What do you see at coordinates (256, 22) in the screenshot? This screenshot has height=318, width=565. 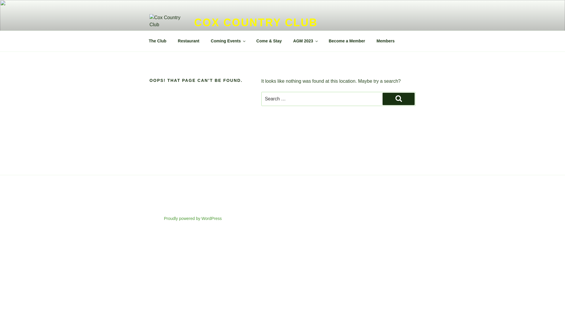 I see `'COX COUNTRY CLUB'` at bounding box center [256, 22].